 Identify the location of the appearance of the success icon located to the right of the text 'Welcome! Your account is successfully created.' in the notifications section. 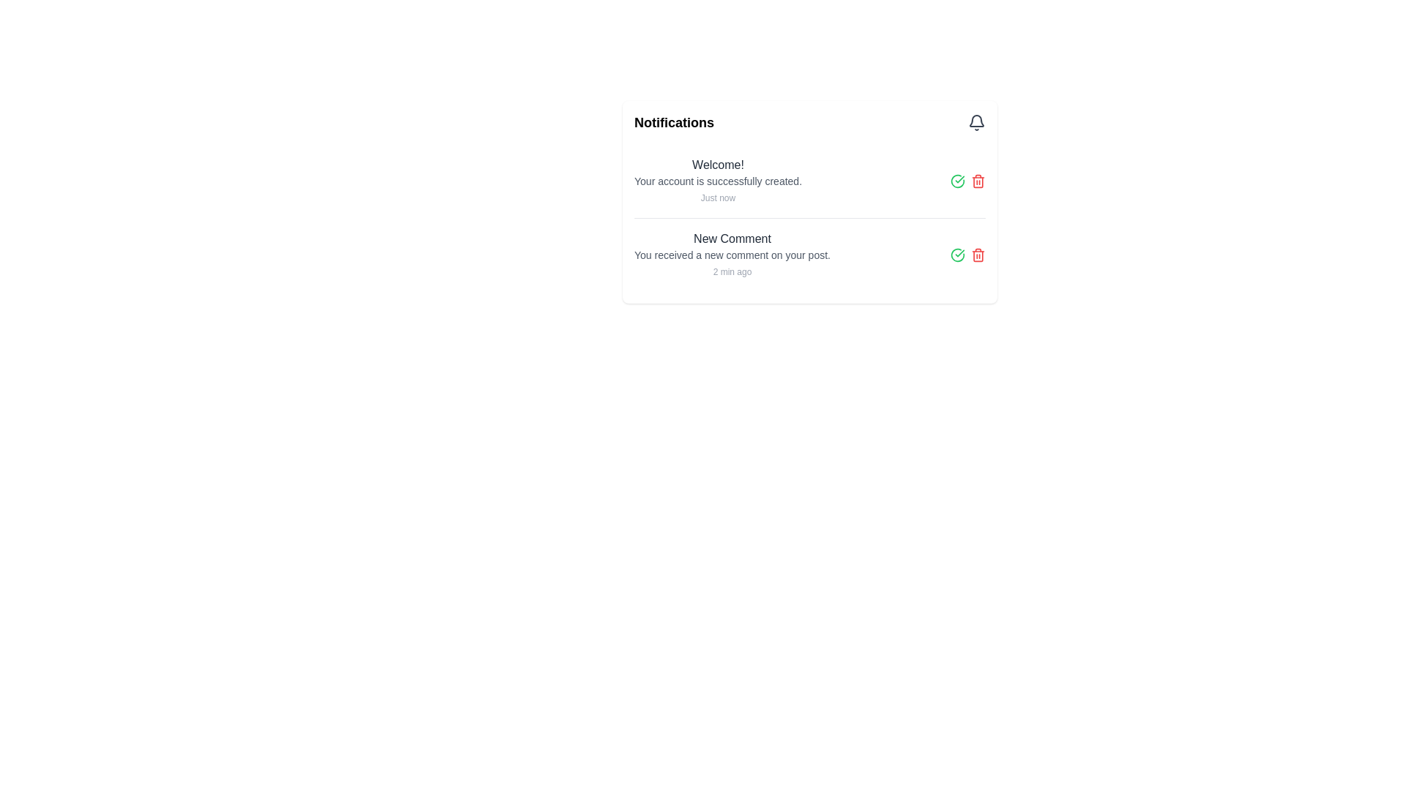
(958, 254).